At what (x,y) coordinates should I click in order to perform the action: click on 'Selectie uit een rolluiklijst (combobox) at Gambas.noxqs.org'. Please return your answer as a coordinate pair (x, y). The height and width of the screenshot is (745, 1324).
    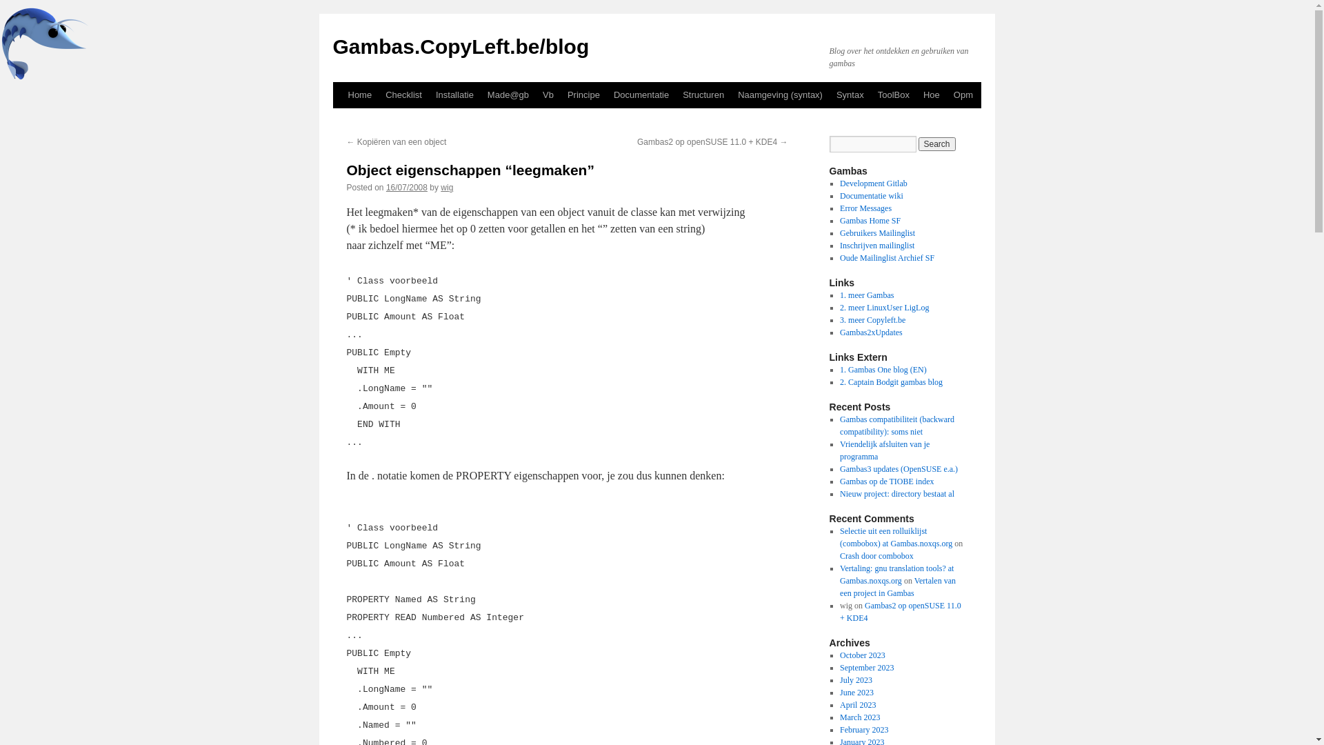
    Looking at the image, I should click on (896, 537).